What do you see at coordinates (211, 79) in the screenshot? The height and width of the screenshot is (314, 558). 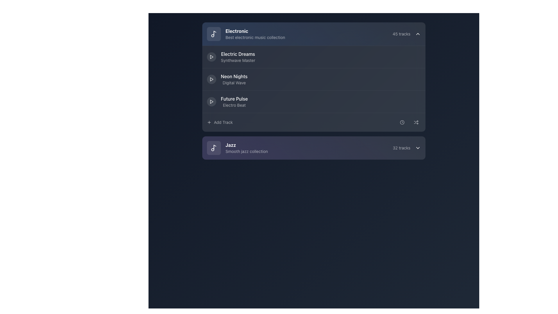 I see `the playback button for the media item labeled 'Neon Nights' to observe the visual hover effect` at bounding box center [211, 79].